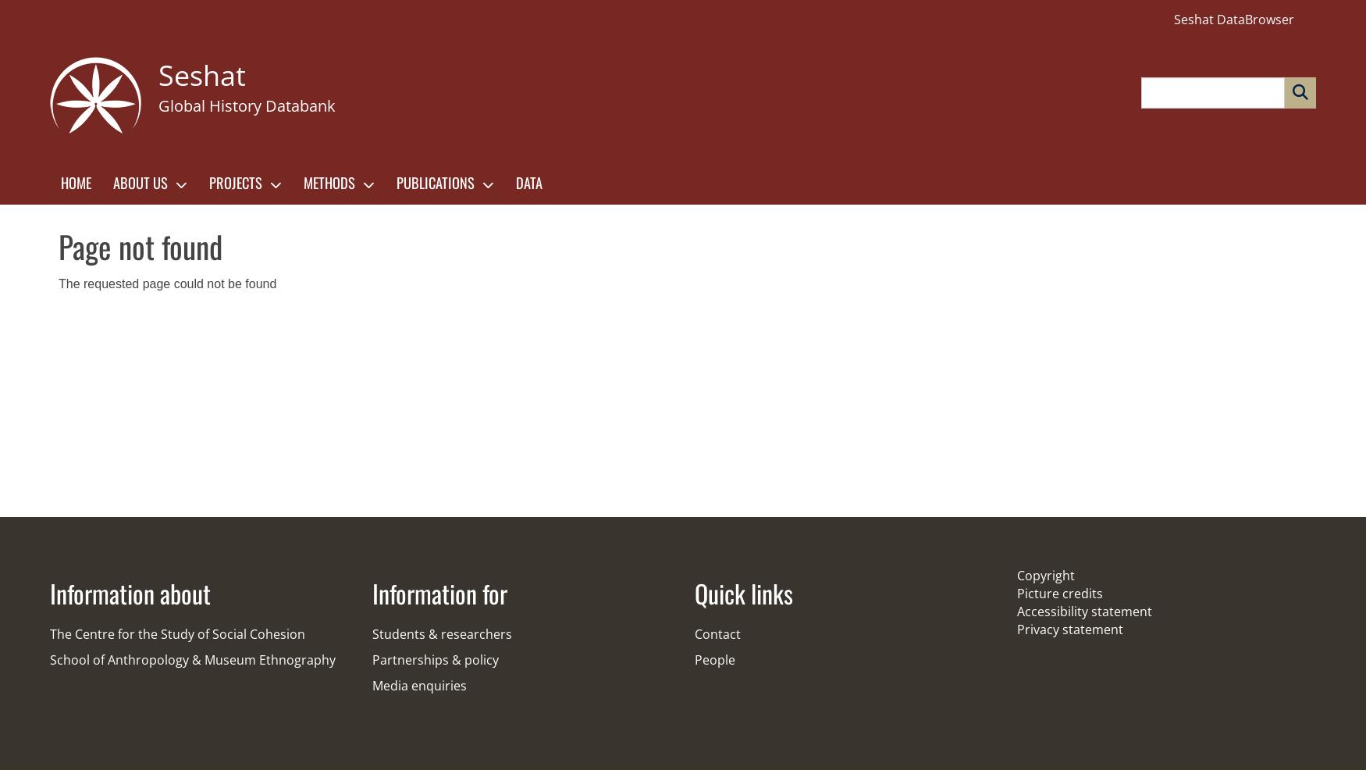 Image resolution: width=1366 pixels, height=781 pixels. Describe the element at coordinates (372, 659) in the screenshot. I see `'Partnerships & policy'` at that location.